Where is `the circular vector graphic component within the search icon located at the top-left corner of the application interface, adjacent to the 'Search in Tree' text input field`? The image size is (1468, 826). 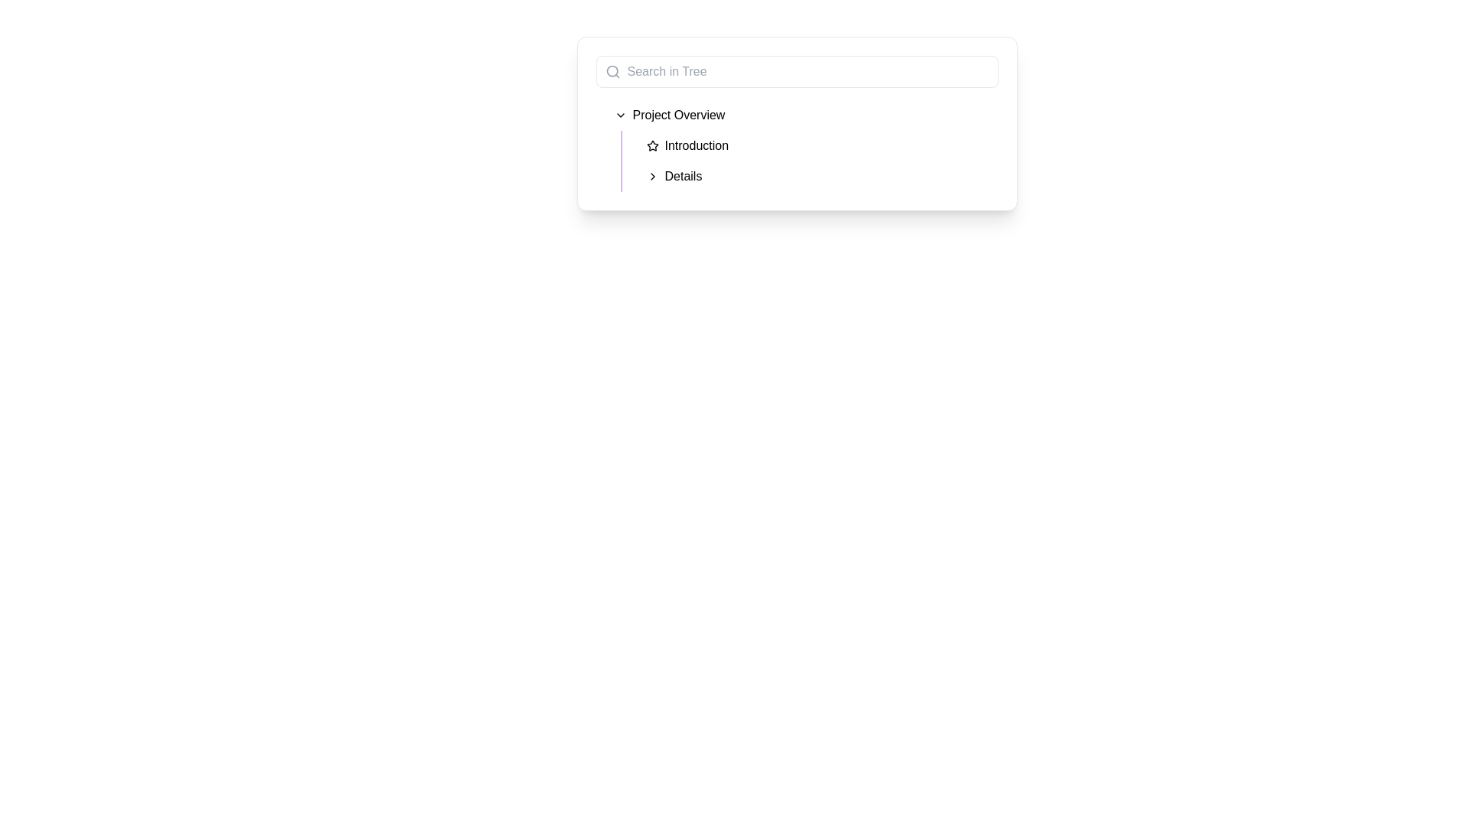 the circular vector graphic component within the search icon located at the top-left corner of the application interface, adjacent to the 'Search in Tree' text input field is located at coordinates (612, 71).